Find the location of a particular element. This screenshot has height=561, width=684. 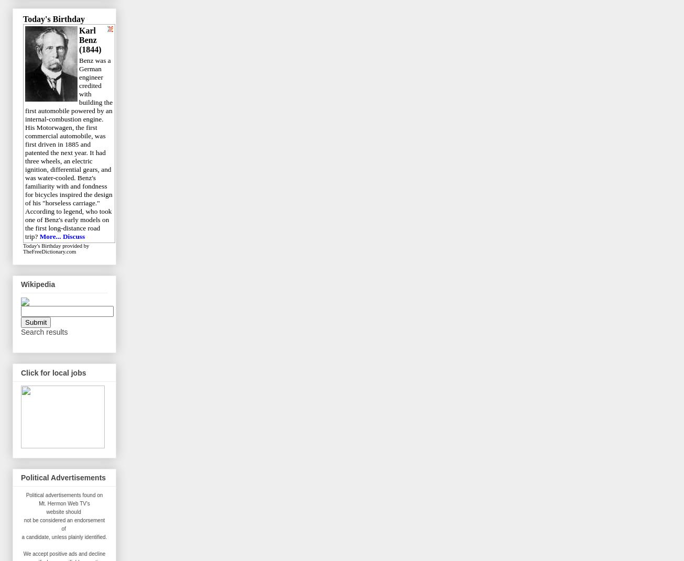

'unless
plainly identified.' is located at coordinates (79, 537).